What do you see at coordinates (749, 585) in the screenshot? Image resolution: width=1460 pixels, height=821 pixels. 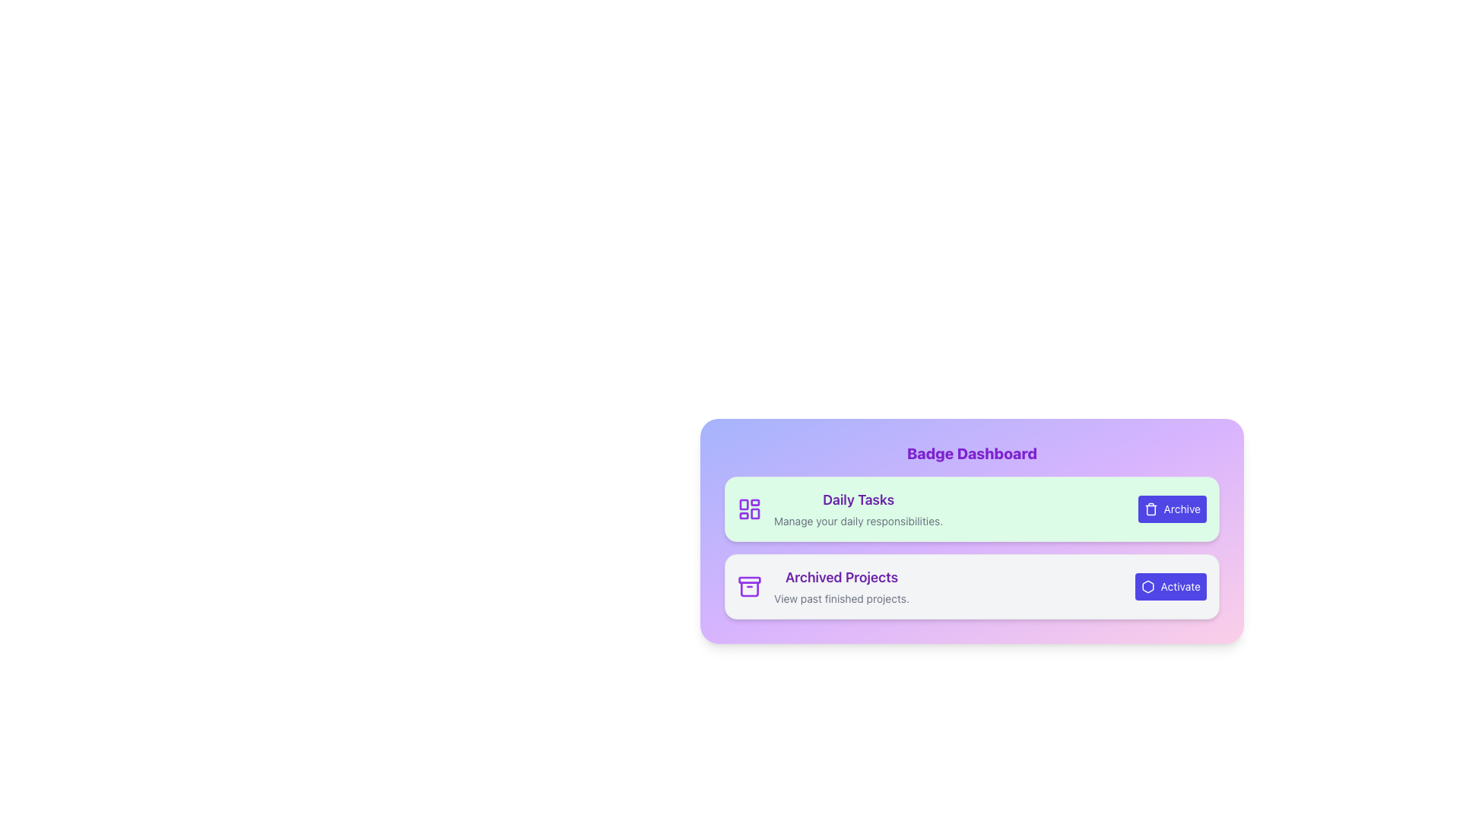 I see `the icon representing 'Archived Projects' located in the 'Badge Dashboard' section, positioned to the left of the text 'Archived Projects'` at bounding box center [749, 585].